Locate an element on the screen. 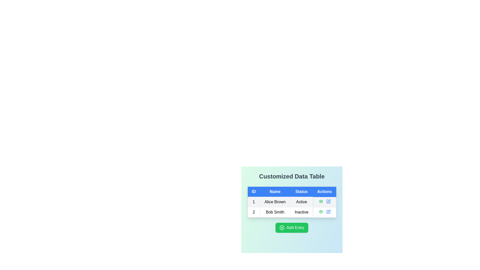 Image resolution: width=480 pixels, height=270 pixels. the table cell in the 'Name' column of the first row is located at coordinates (274, 201).